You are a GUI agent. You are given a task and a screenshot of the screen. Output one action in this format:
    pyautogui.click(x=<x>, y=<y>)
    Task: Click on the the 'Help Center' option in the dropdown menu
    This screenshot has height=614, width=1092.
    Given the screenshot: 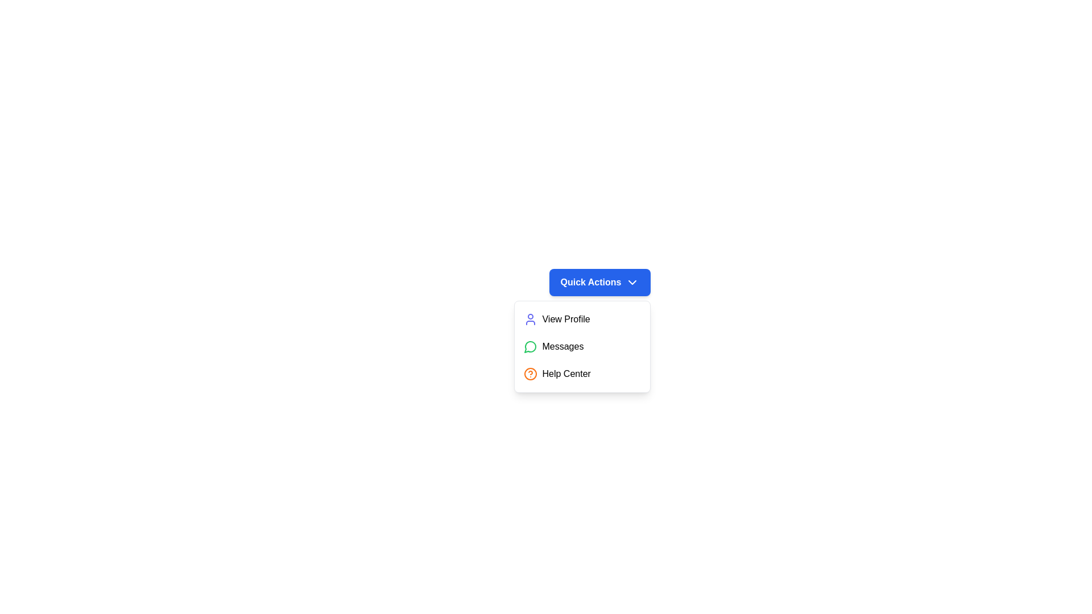 What is the action you would take?
    pyautogui.click(x=582, y=374)
    